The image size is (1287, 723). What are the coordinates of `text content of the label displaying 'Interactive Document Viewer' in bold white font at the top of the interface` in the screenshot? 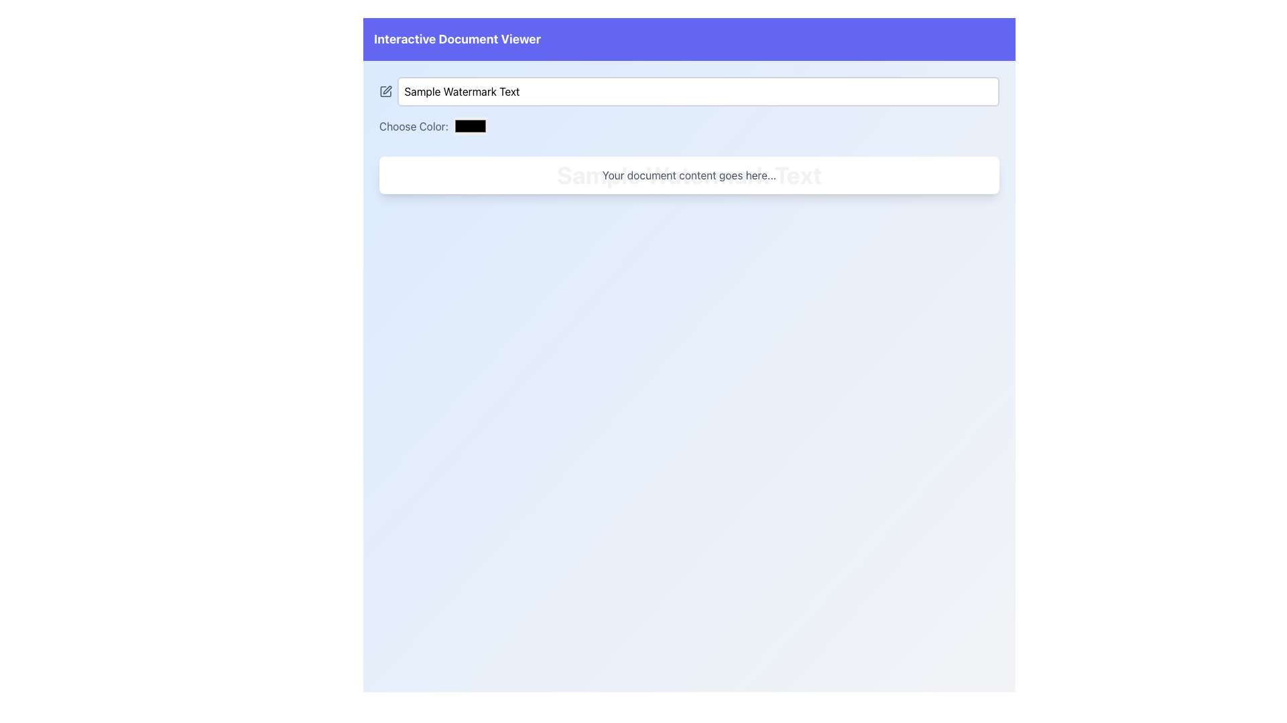 It's located at (457, 38).